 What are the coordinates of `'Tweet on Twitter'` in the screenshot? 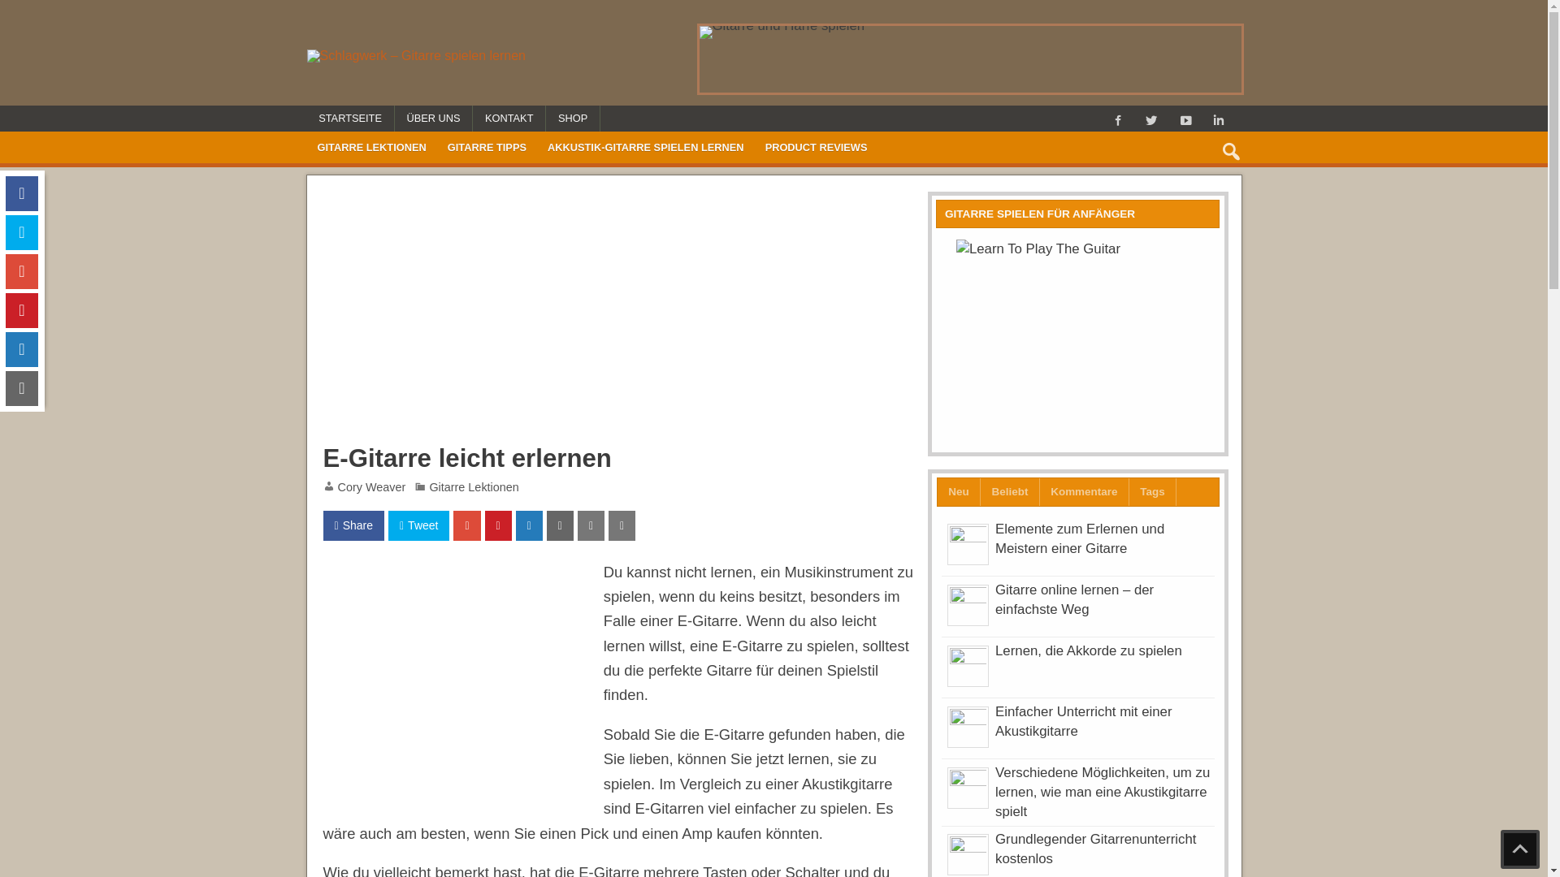 It's located at (22, 232).